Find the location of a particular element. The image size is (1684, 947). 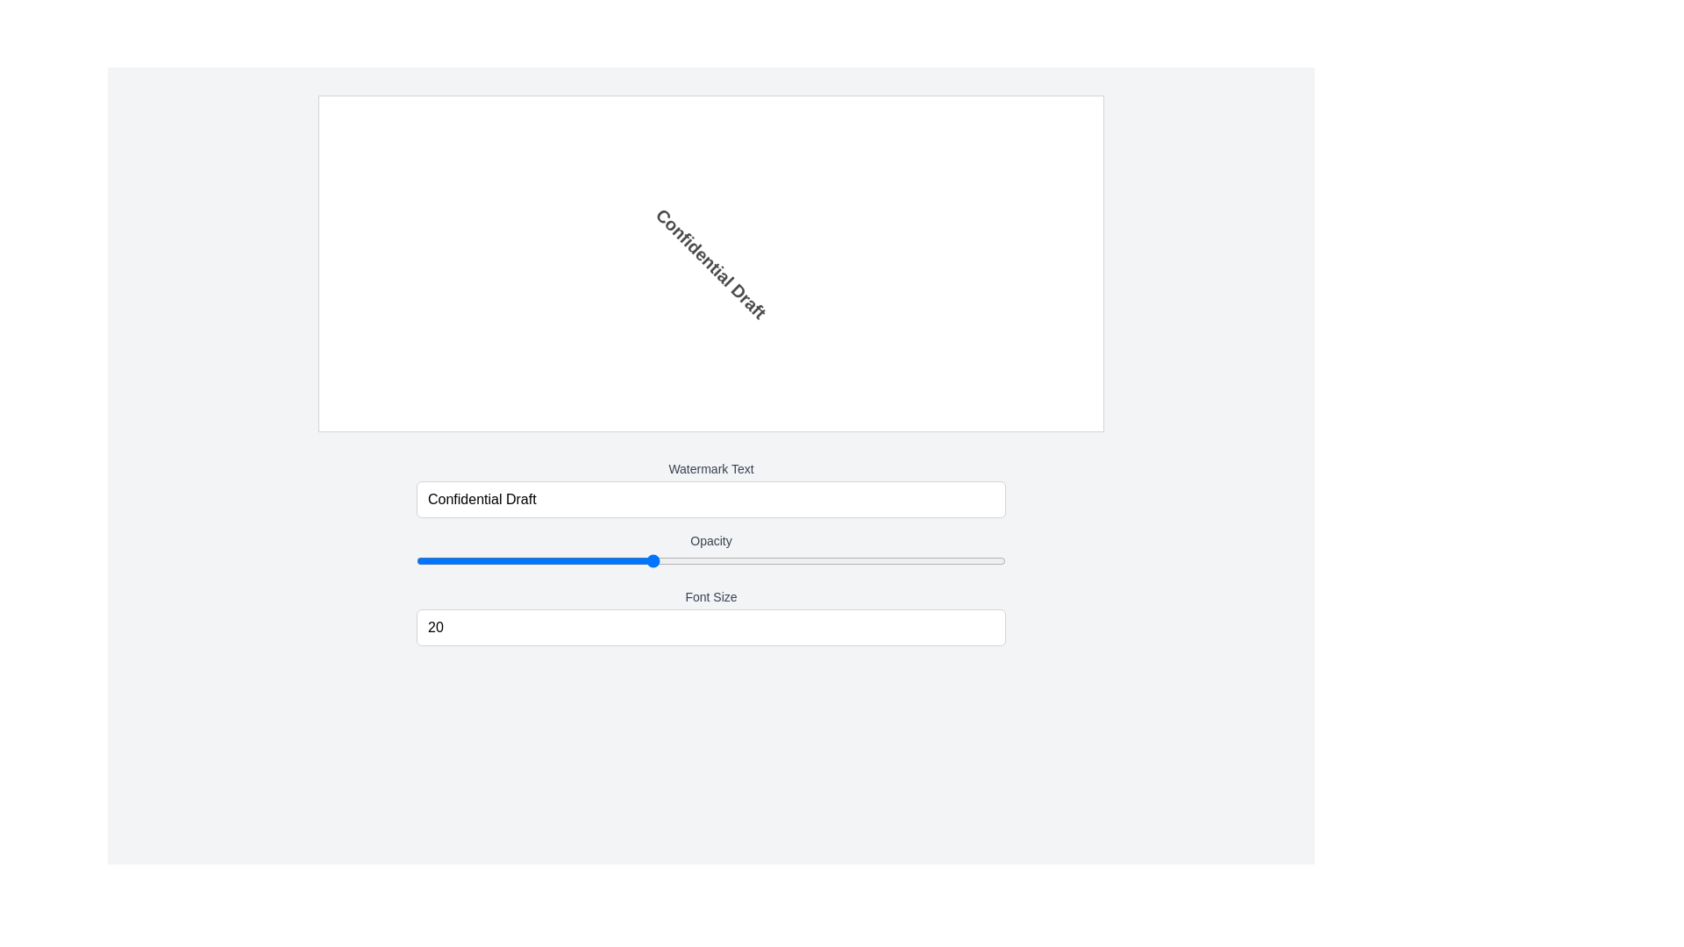

the numeric input field labeled 'Font Size' to focus on it is located at coordinates (711, 616).